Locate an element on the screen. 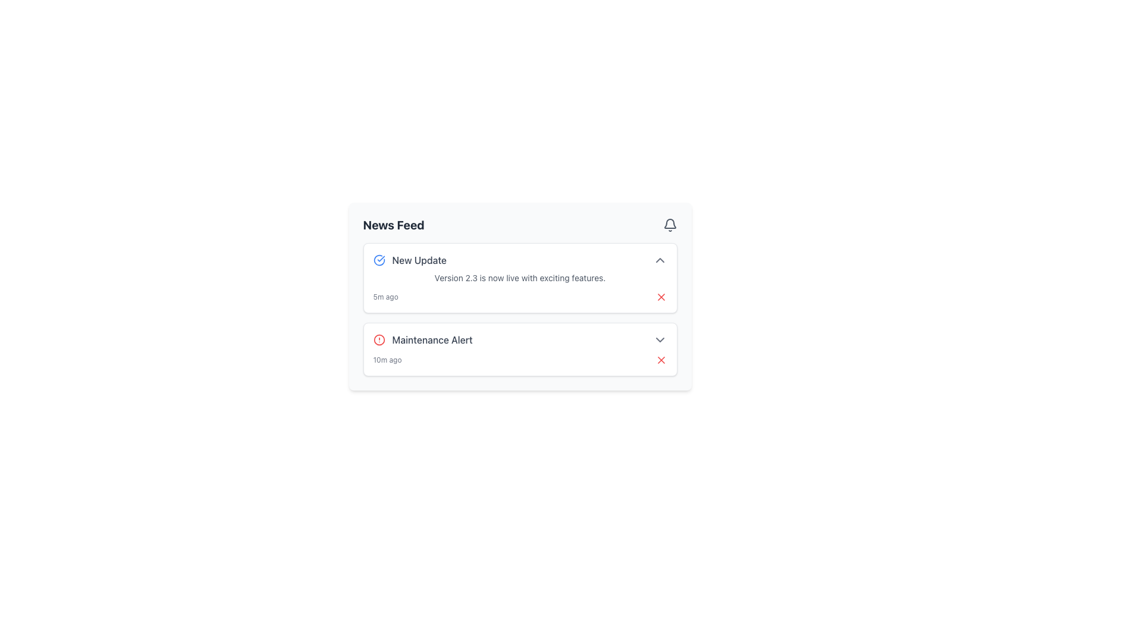 The height and width of the screenshot is (642, 1142). the bell-shaped icon with a thin outline located is located at coordinates (670, 225).